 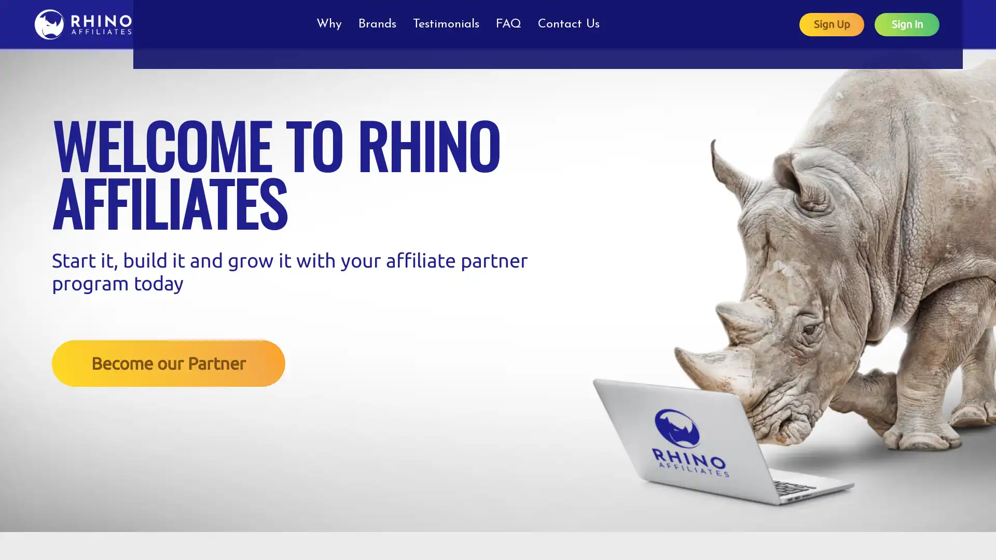 I want to click on Sign Up, so click(x=855, y=23).